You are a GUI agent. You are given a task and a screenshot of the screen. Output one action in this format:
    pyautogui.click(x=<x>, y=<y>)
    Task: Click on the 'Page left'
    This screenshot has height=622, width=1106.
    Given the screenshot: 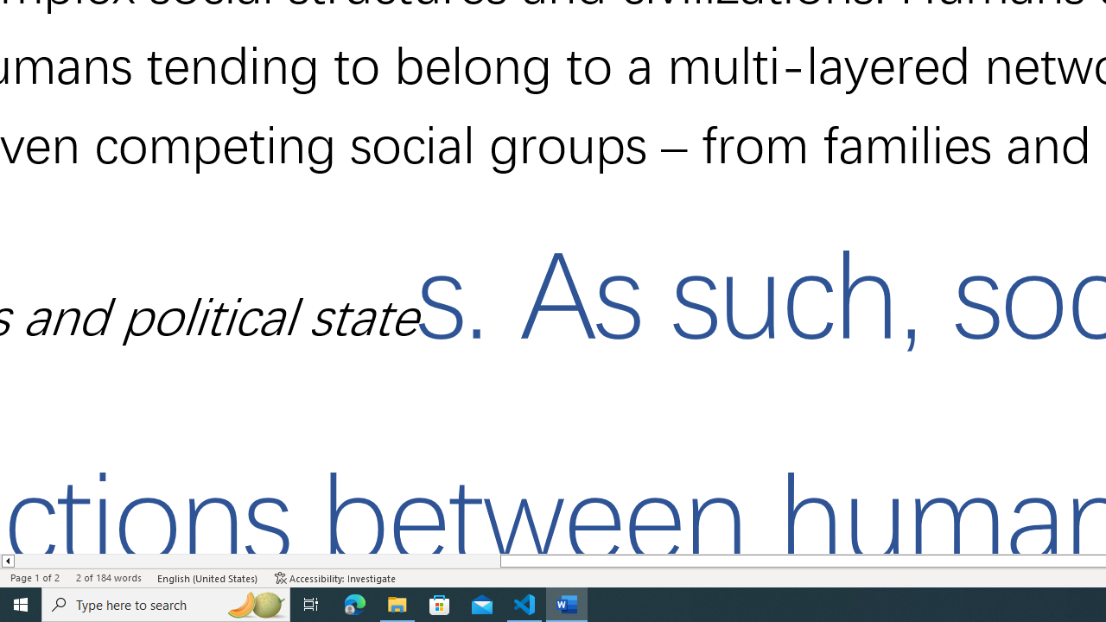 What is the action you would take?
    pyautogui.click(x=256, y=561)
    